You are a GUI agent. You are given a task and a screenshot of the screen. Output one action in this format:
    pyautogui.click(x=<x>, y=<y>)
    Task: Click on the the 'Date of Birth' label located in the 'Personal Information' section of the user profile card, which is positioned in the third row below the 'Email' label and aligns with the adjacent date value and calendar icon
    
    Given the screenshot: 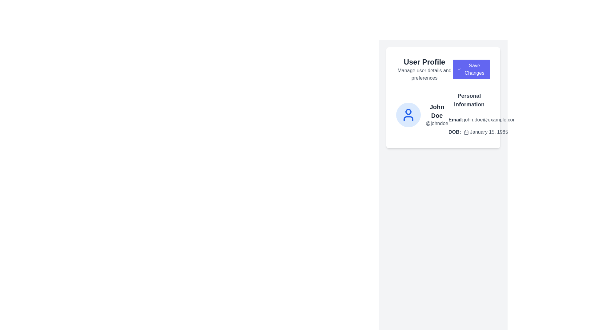 What is the action you would take?
    pyautogui.click(x=456, y=132)
    